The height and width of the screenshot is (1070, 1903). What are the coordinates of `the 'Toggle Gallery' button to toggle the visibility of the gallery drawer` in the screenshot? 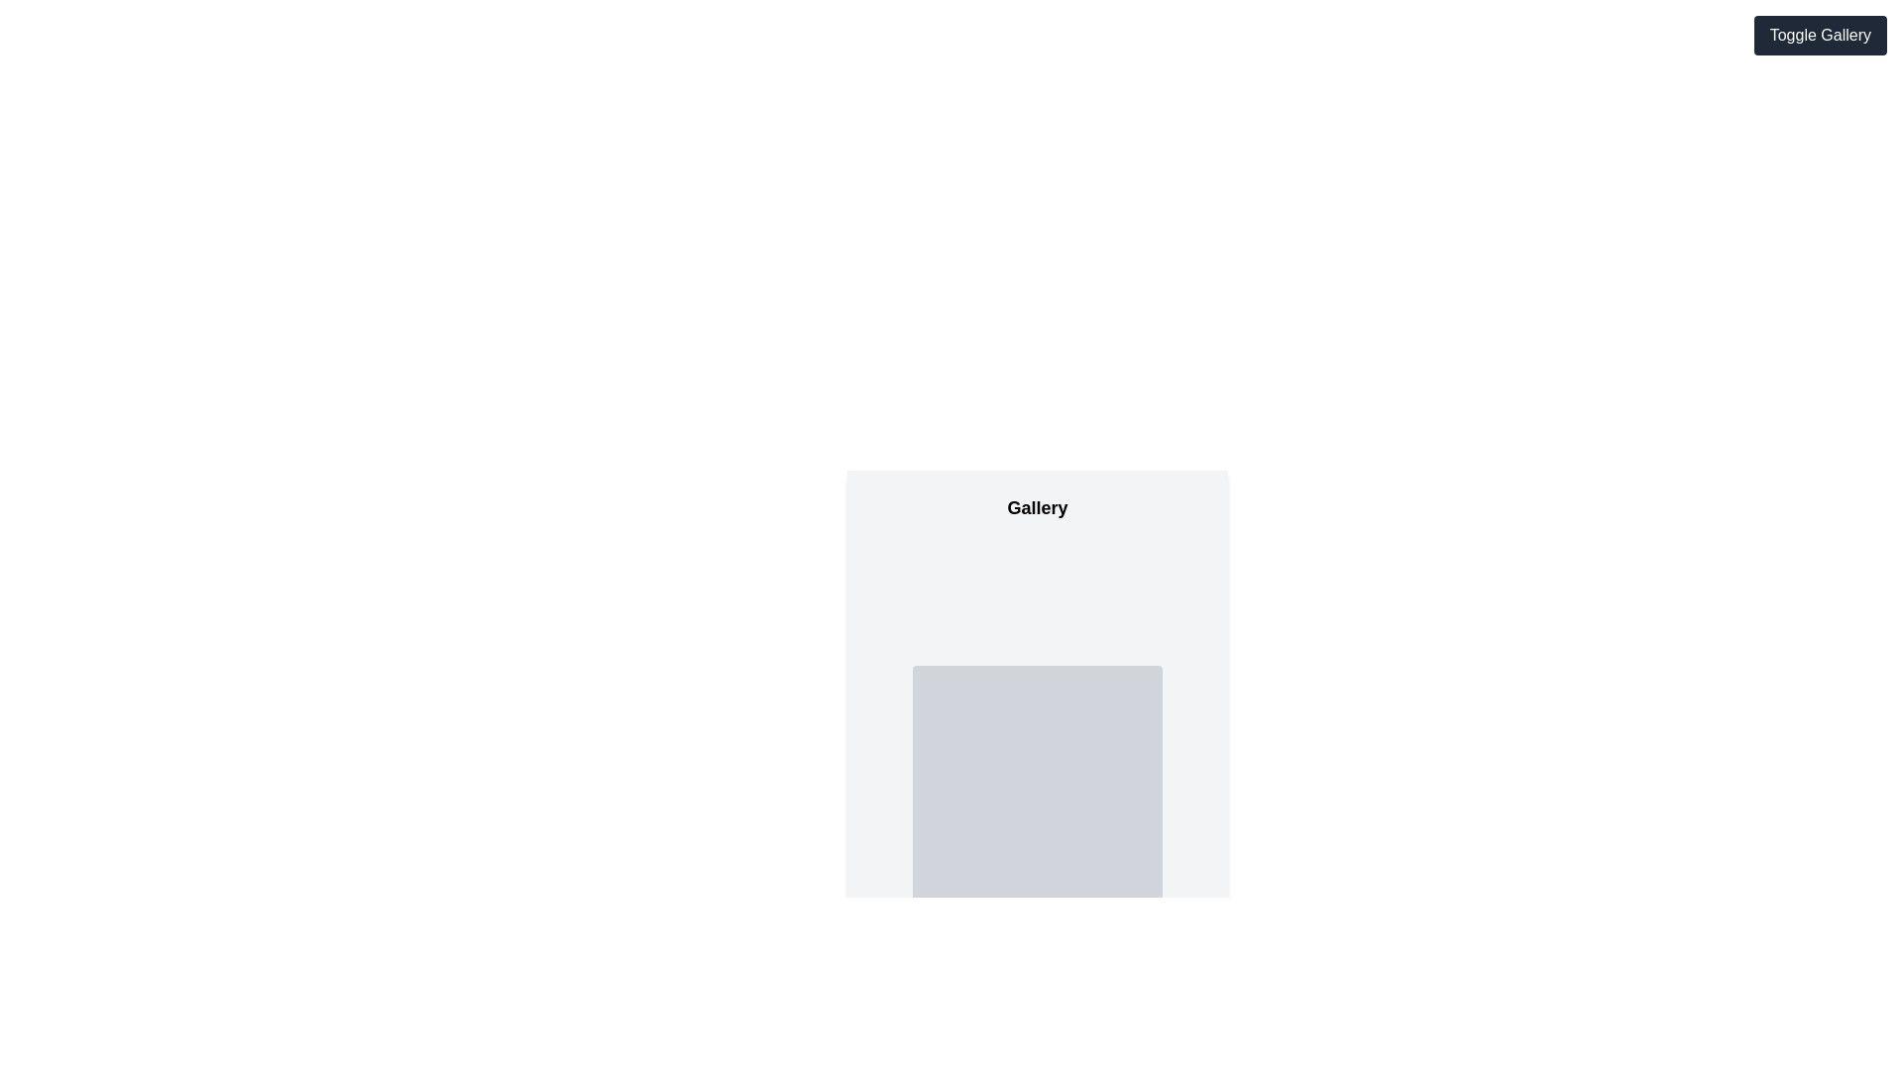 It's located at (1820, 35).